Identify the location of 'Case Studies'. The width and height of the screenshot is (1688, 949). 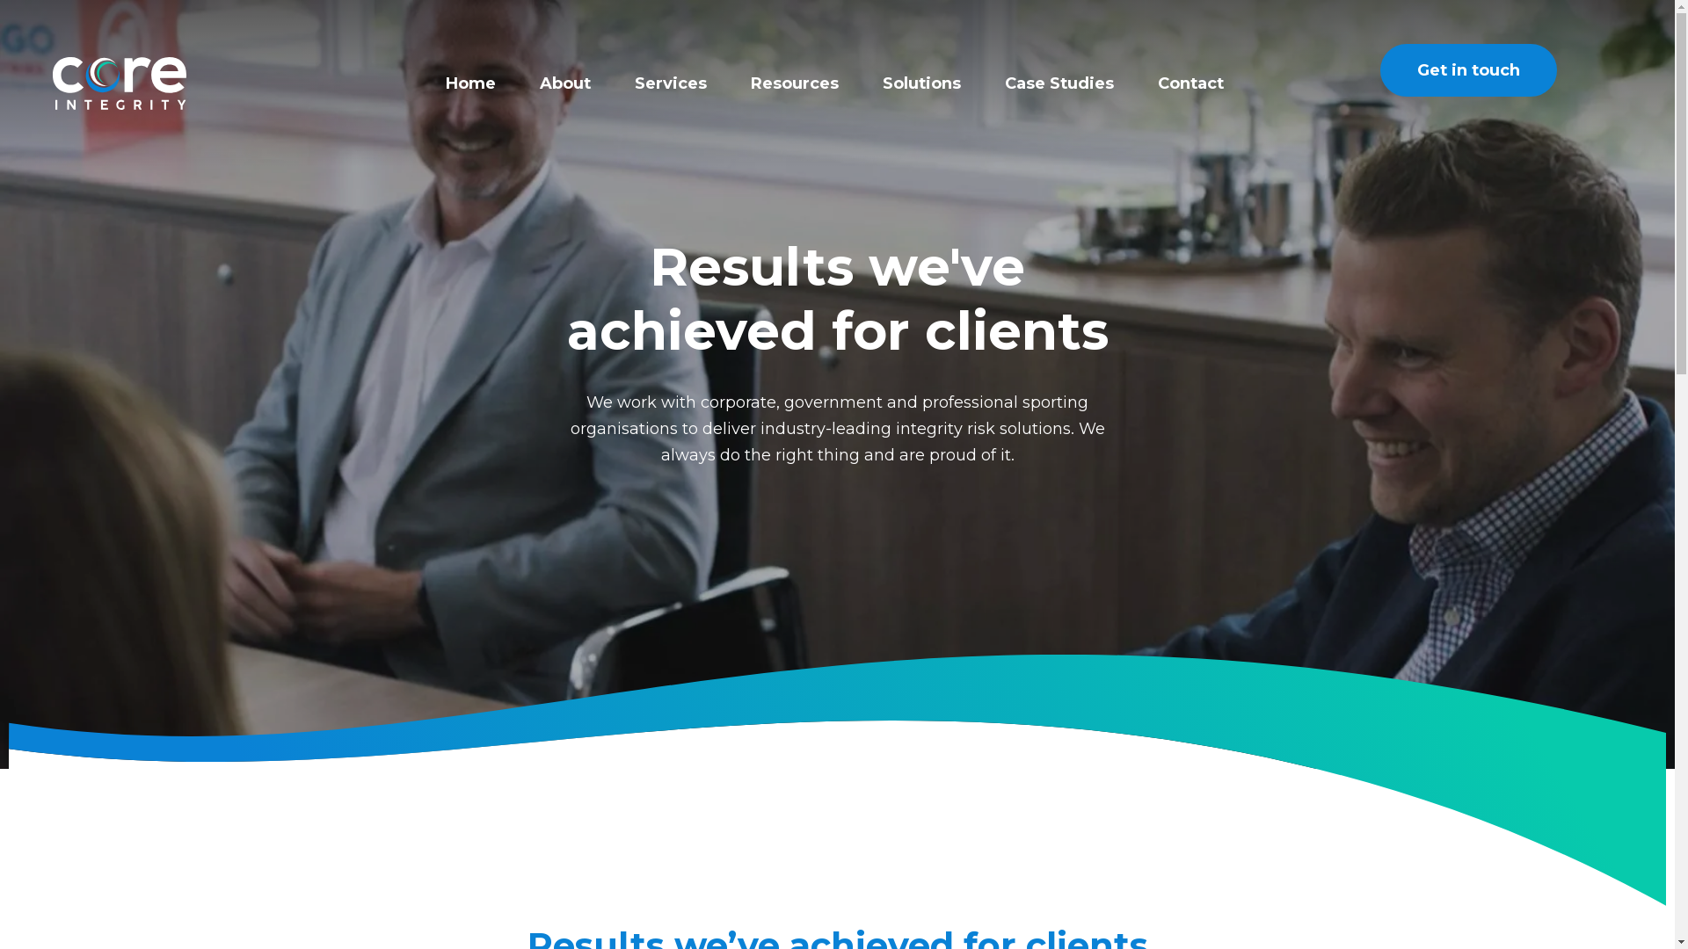
(1058, 83).